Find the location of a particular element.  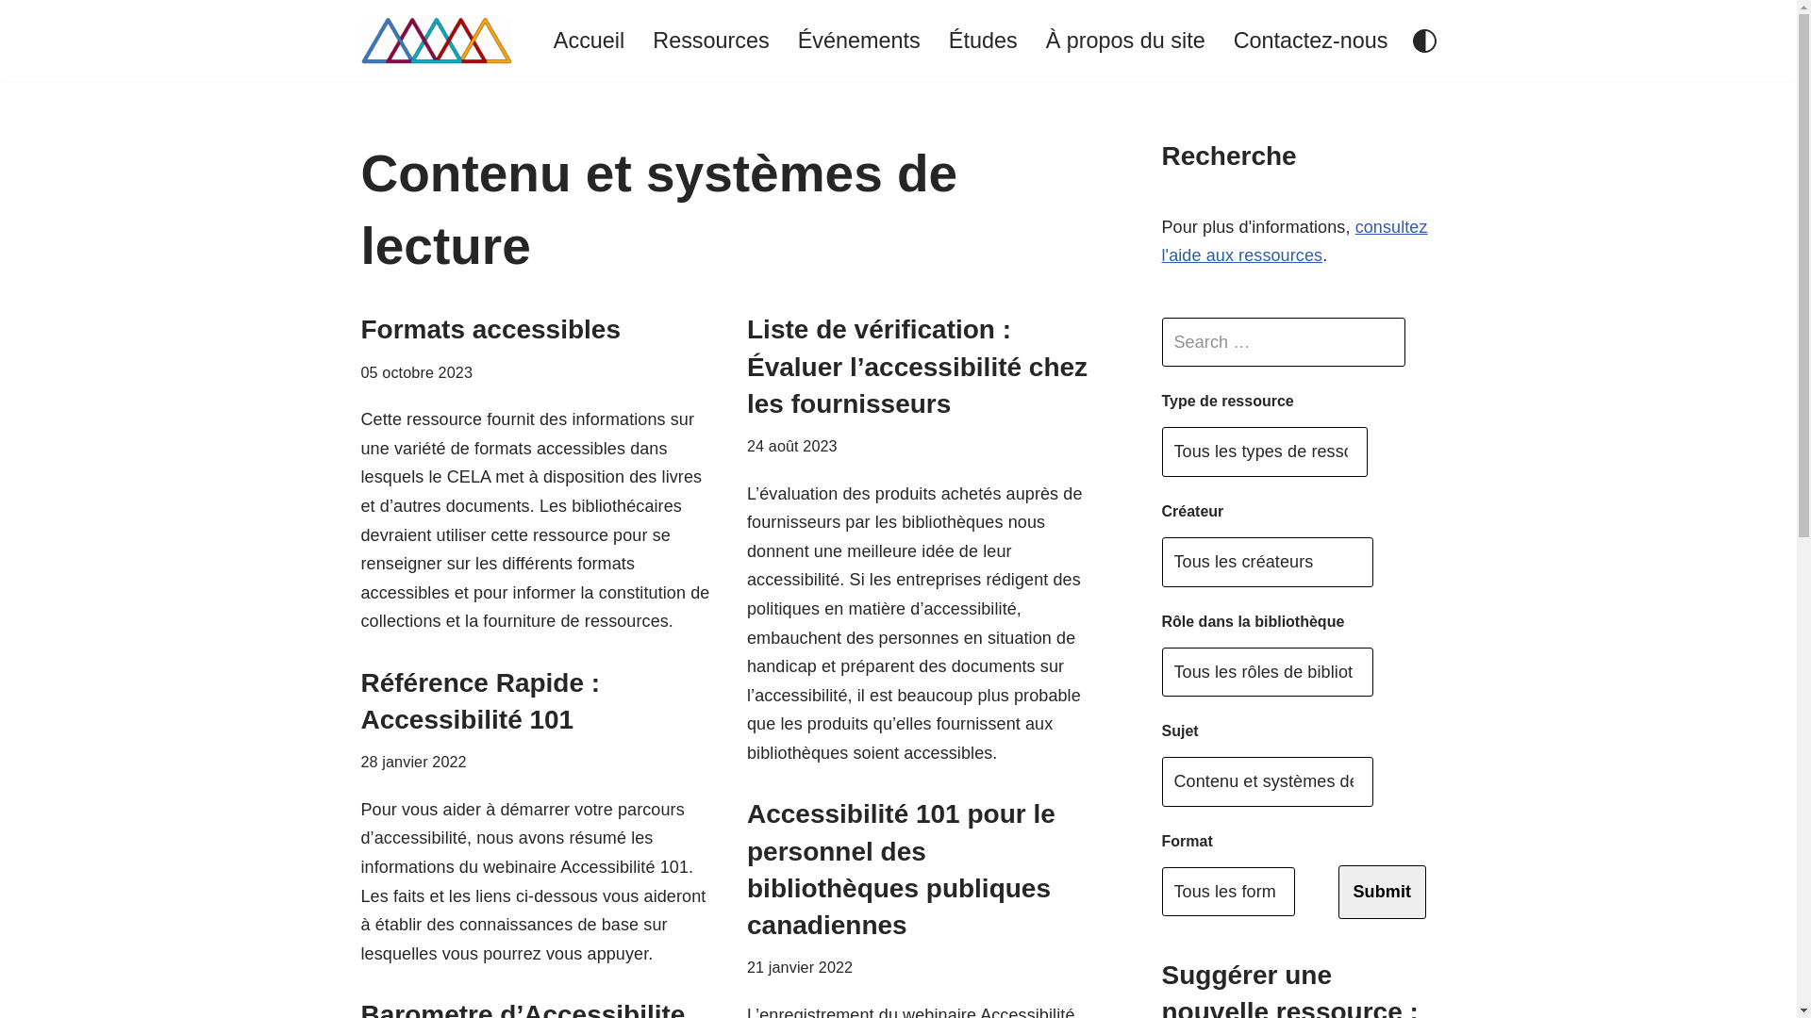

'Aller au contenu' is located at coordinates (0, 40).